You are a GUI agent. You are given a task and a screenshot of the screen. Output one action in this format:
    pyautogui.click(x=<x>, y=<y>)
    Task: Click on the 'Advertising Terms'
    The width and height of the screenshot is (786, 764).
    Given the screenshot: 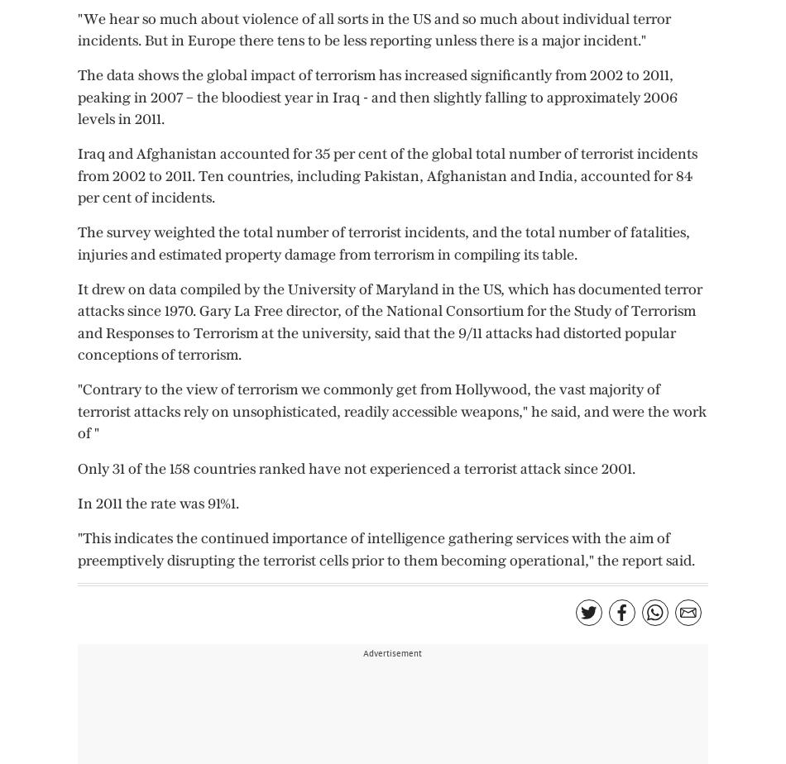 What is the action you would take?
    pyautogui.click(x=55, y=58)
    